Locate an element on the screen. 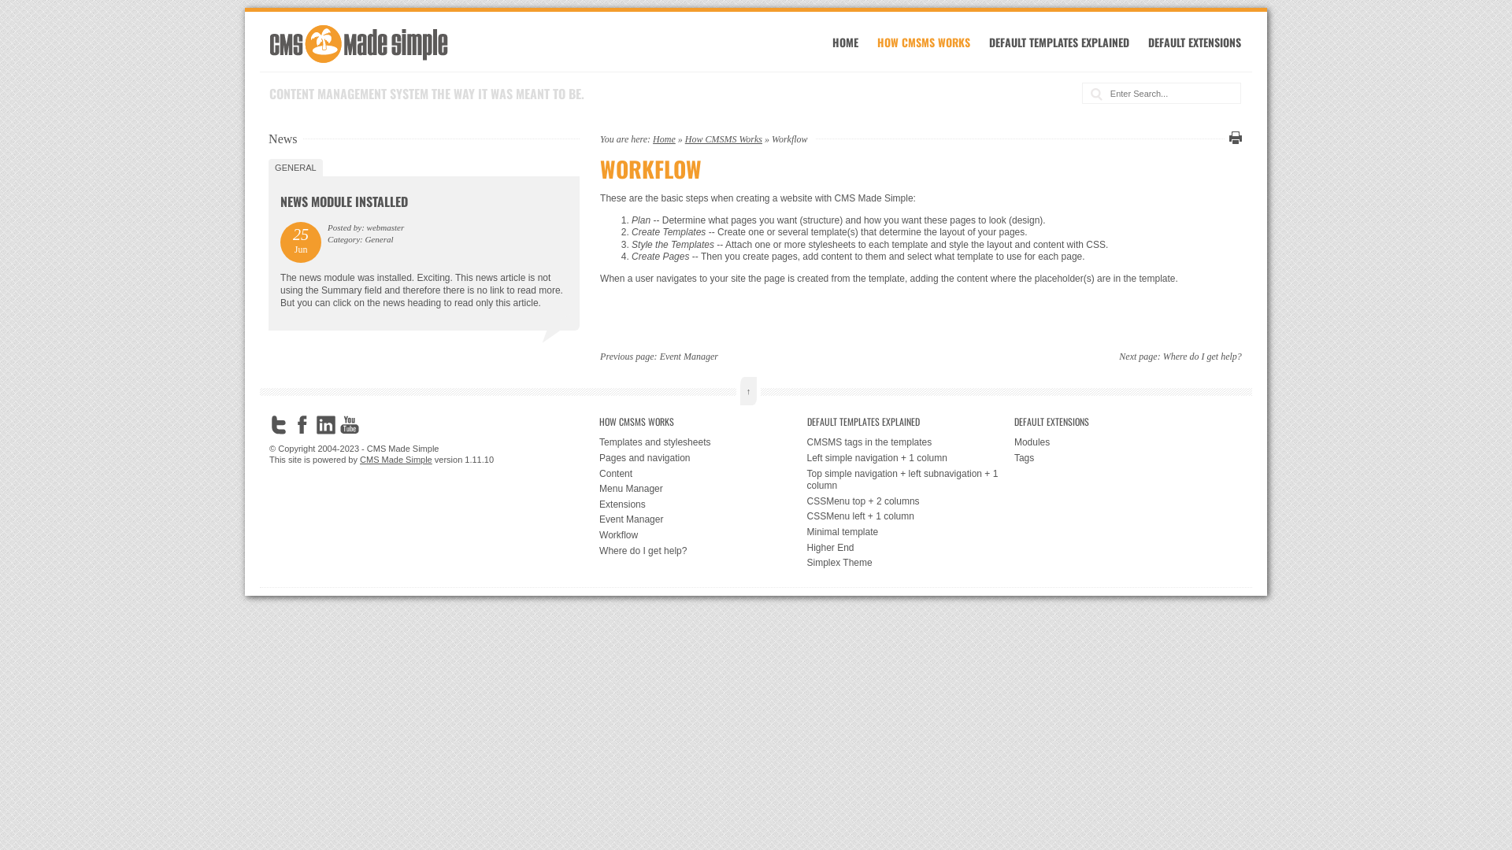  'YouTube' is located at coordinates (349, 425).